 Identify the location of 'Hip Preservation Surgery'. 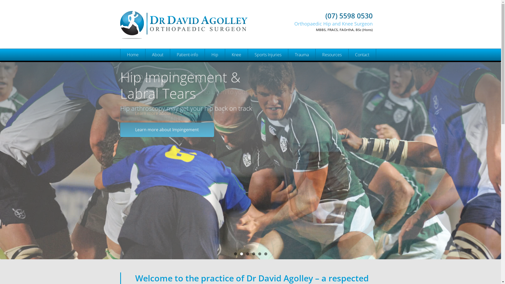
(215, 66).